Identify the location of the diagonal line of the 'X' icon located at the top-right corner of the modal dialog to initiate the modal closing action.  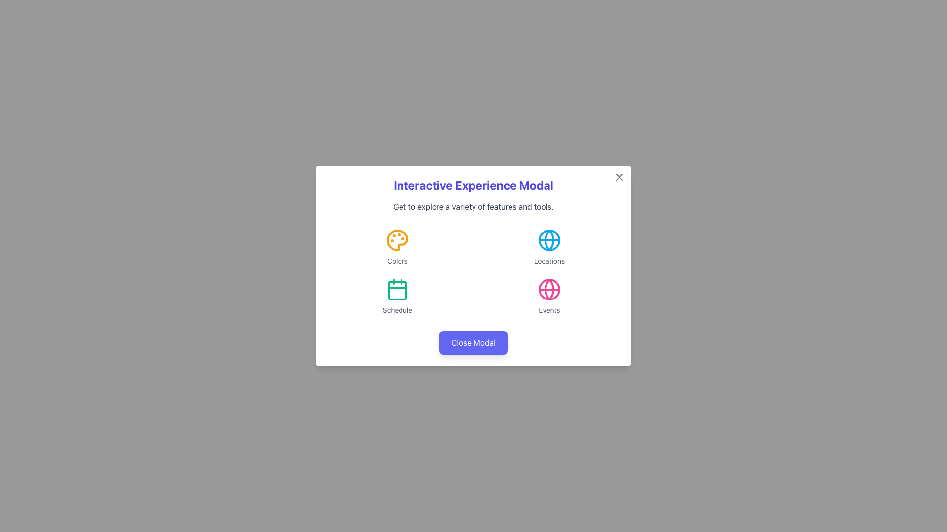
(619, 176).